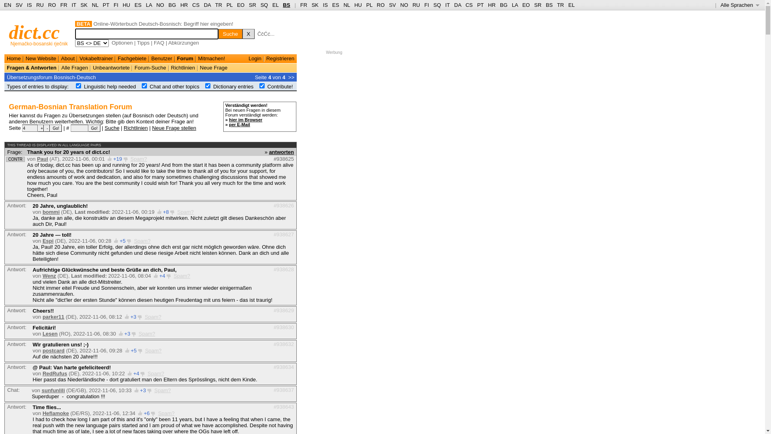 This screenshot has width=771, height=434. I want to click on 'LA', so click(149, 5).